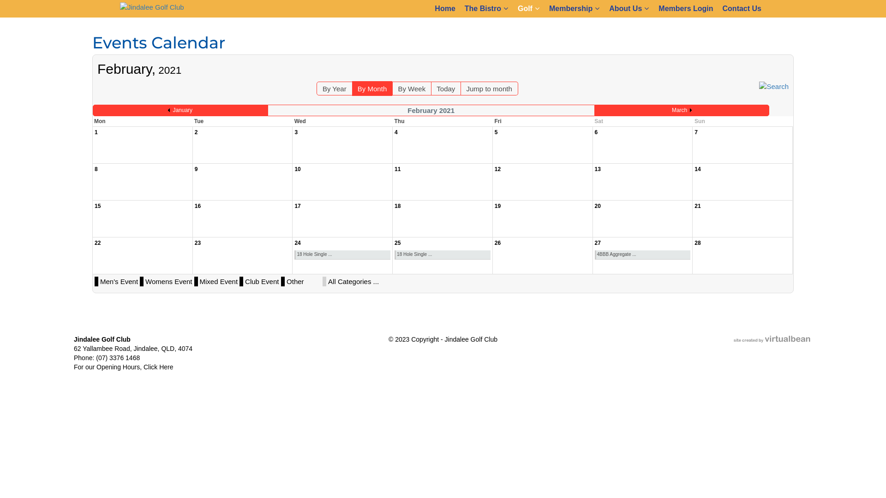 The image size is (886, 498). Describe the element at coordinates (773, 86) in the screenshot. I see `'Search'` at that location.